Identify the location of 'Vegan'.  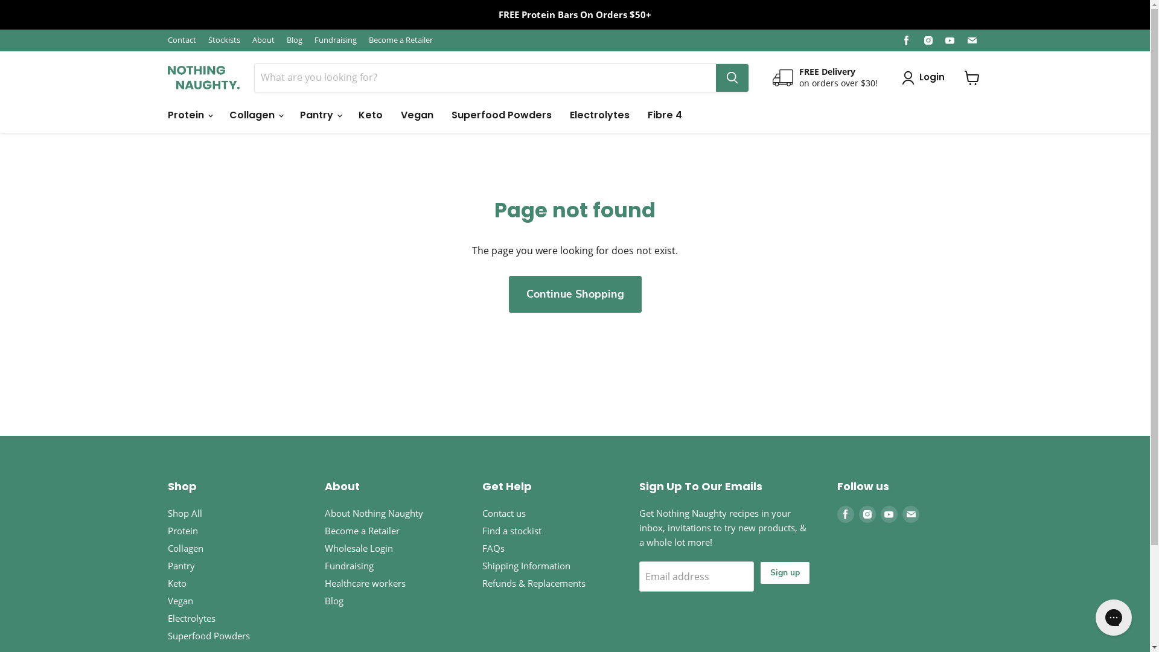
(179, 601).